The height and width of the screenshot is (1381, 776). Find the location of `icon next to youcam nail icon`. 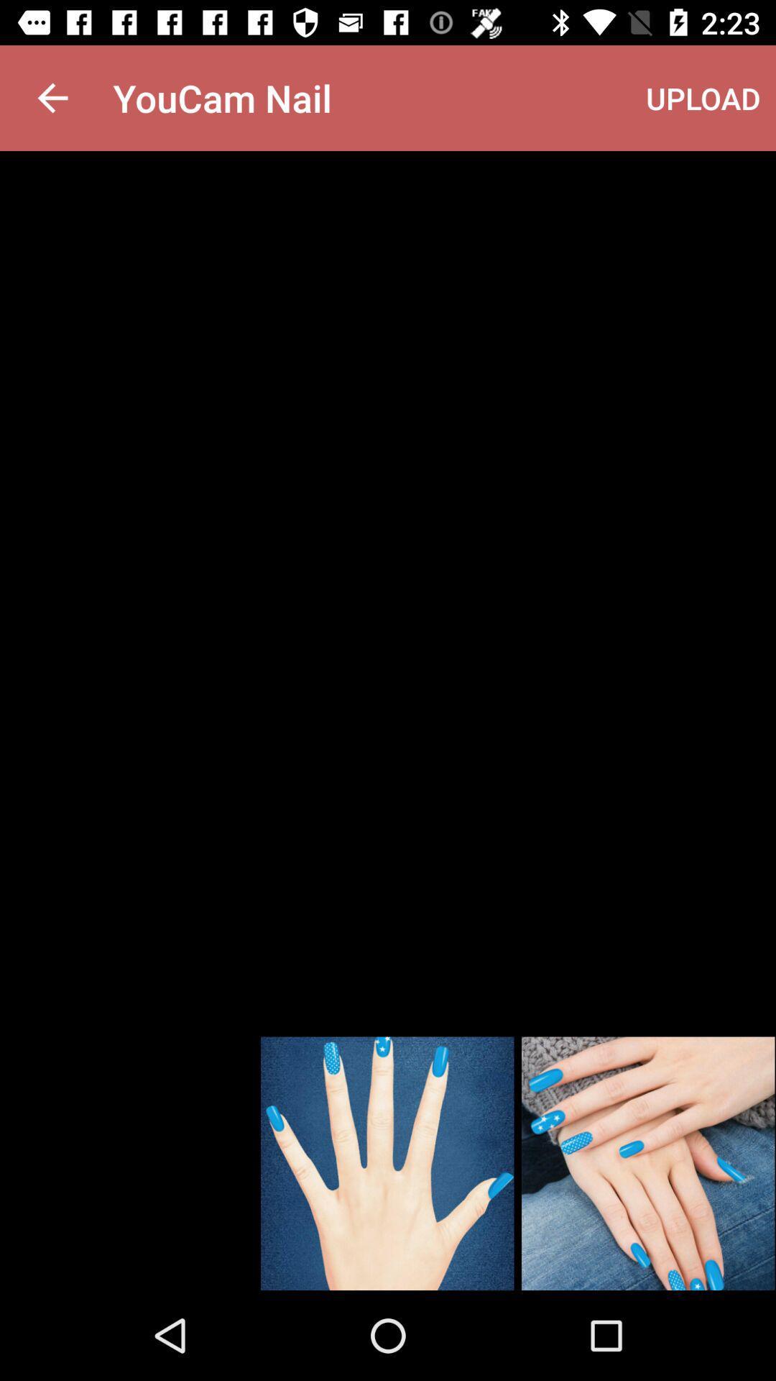

icon next to youcam nail icon is located at coordinates (703, 97).